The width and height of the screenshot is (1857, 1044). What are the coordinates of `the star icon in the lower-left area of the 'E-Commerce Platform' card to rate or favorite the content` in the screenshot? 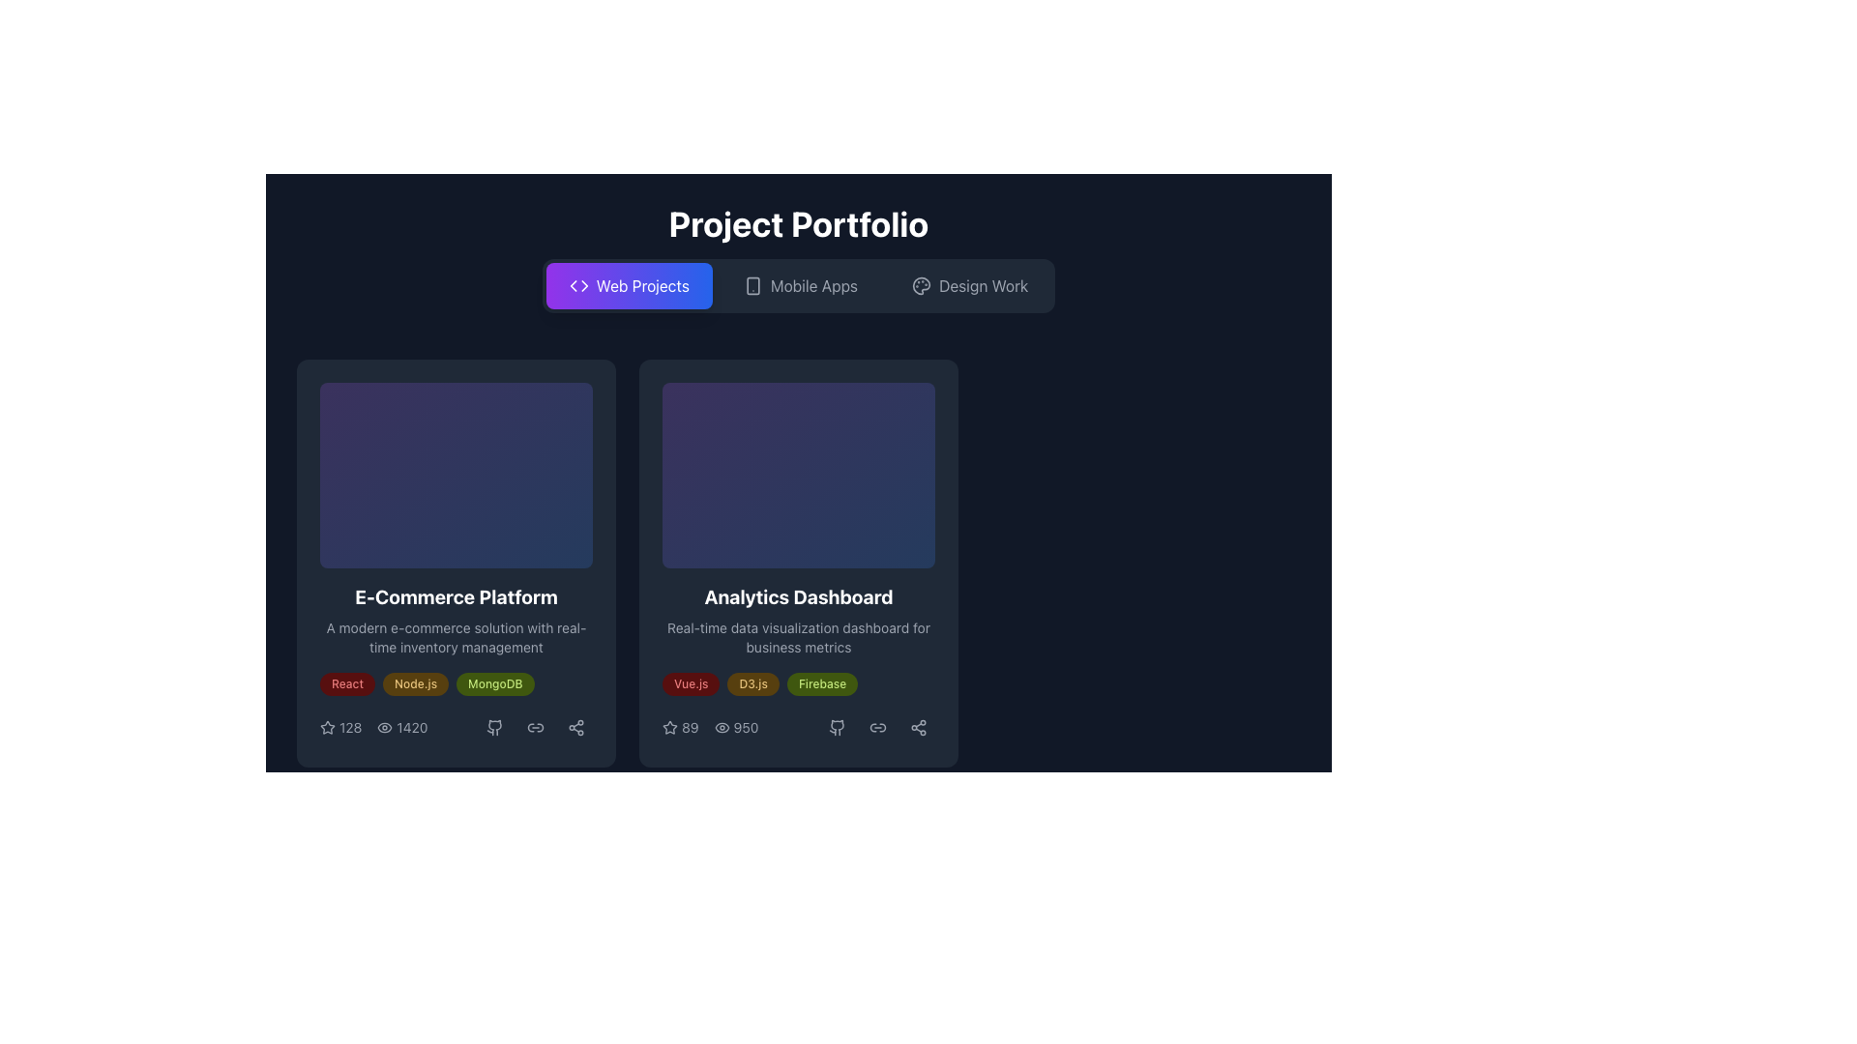 It's located at (340, 727).